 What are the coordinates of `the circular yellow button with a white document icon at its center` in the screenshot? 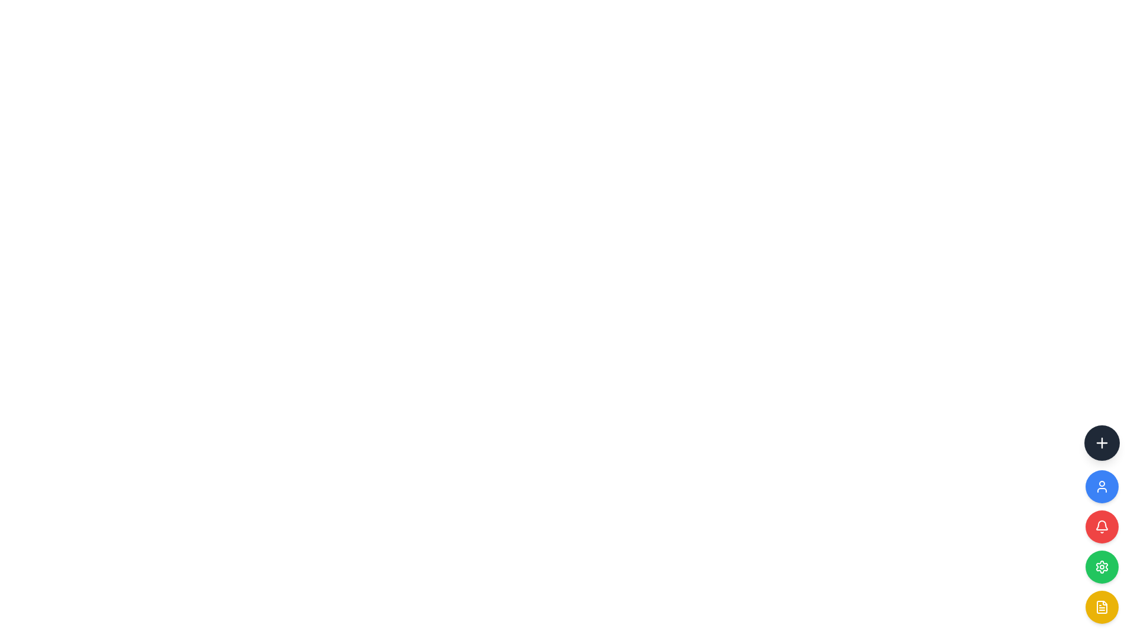 It's located at (1102, 523).